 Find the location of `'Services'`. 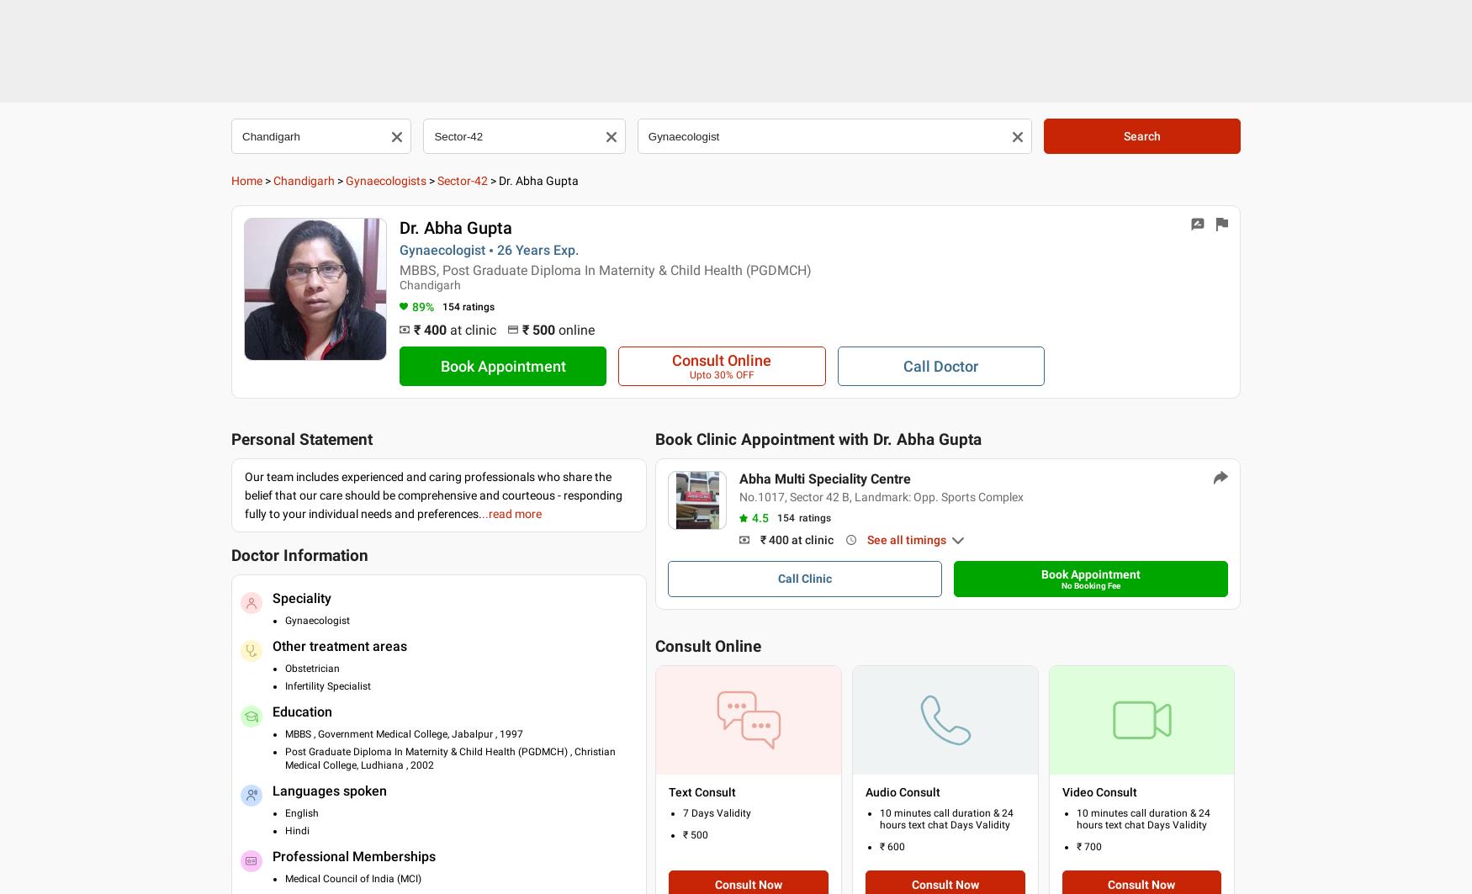

'Services' is located at coordinates (920, 121).